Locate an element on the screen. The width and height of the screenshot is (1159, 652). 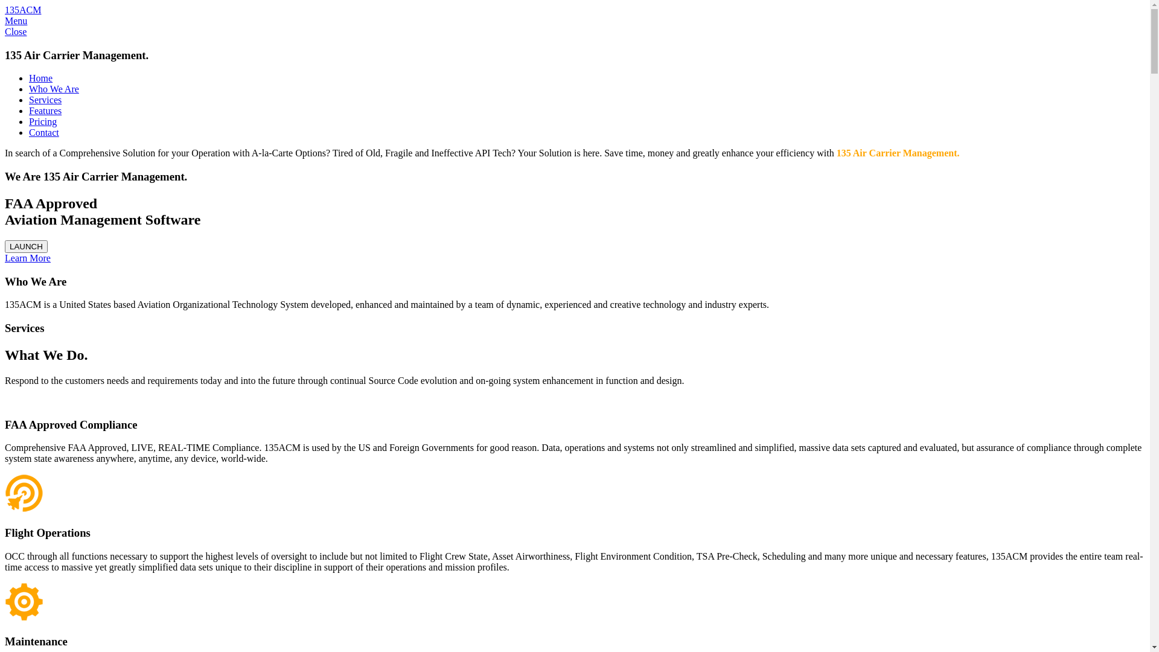
'LAUNCH' is located at coordinates (26, 246).